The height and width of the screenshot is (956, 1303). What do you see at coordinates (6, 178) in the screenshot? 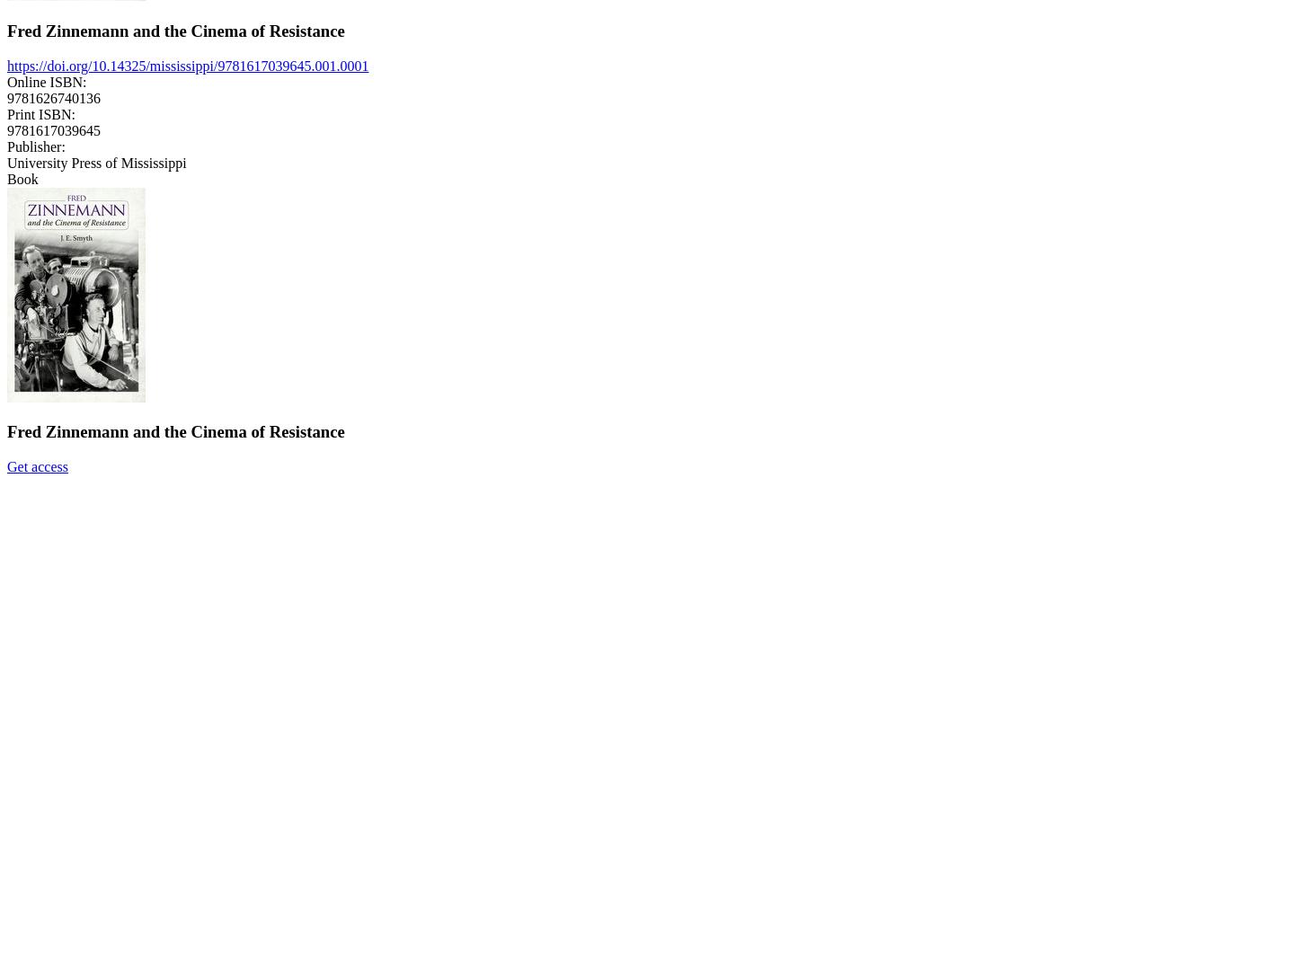
I see `'Book'` at bounding box center [6, 178].